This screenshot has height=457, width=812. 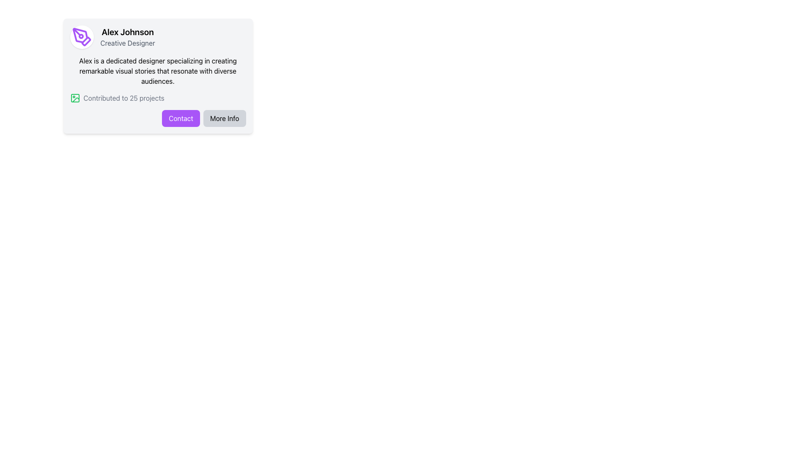 What do you see at coordinates (82, 37) in the screenshot?
I see `the purple pen tool icon located in the top-left corner of the user information card, which represents editing or designing tools` at bounding box center [82, 37].